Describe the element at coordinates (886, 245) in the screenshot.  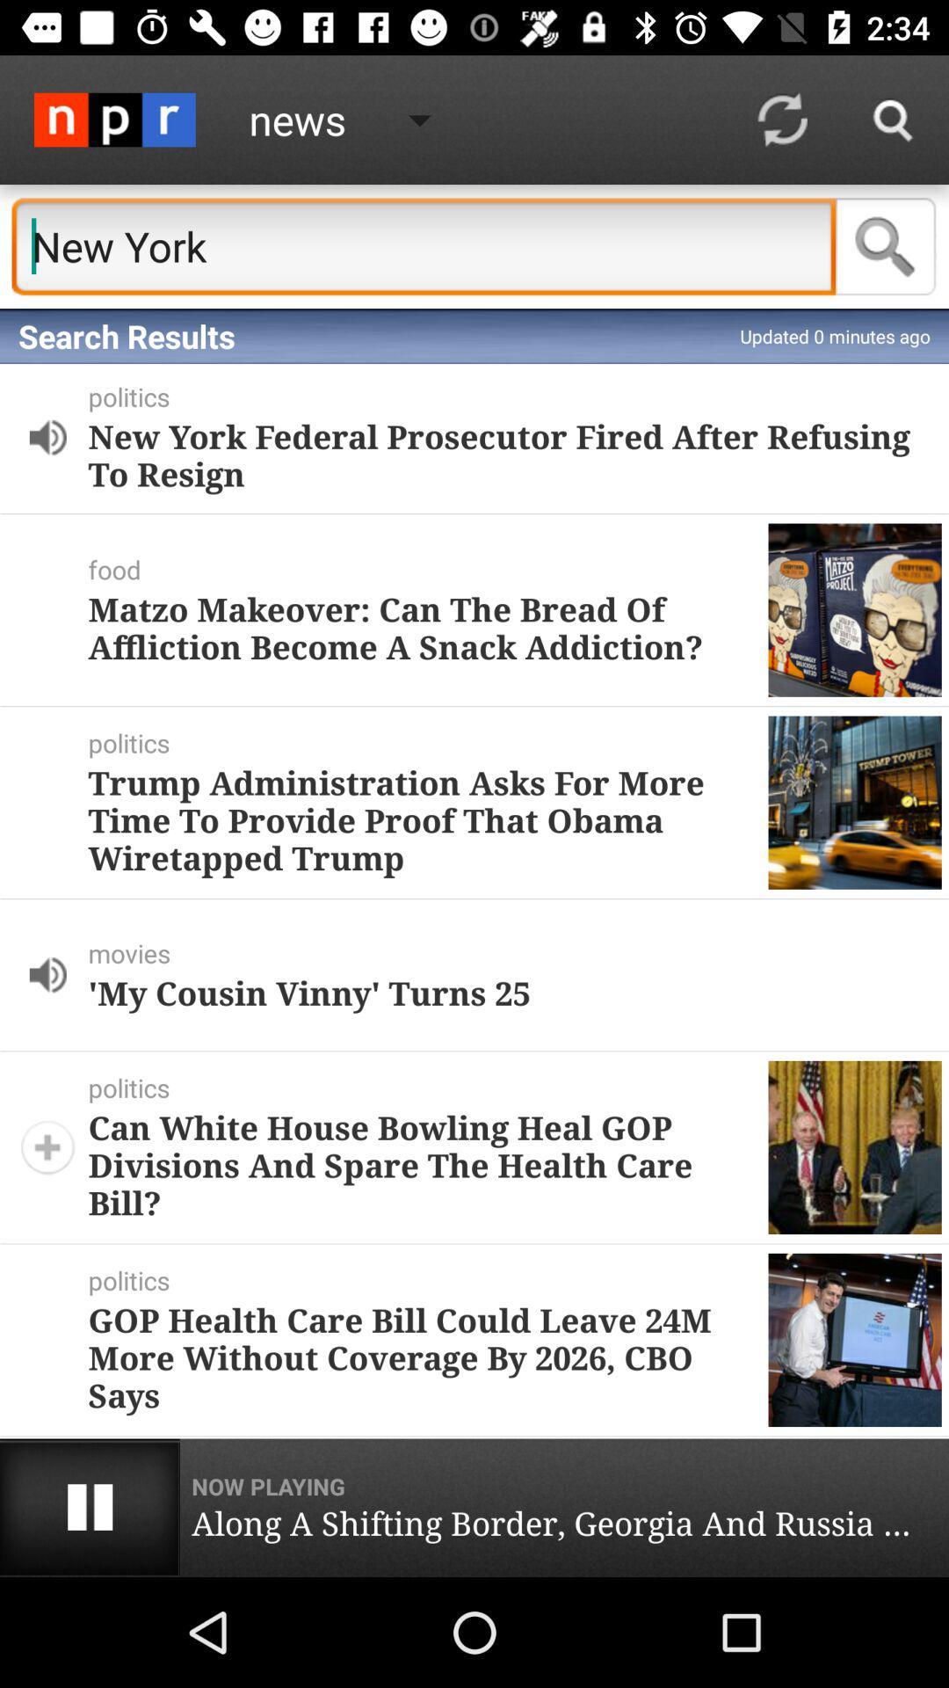
I see `the search icon` at that location.